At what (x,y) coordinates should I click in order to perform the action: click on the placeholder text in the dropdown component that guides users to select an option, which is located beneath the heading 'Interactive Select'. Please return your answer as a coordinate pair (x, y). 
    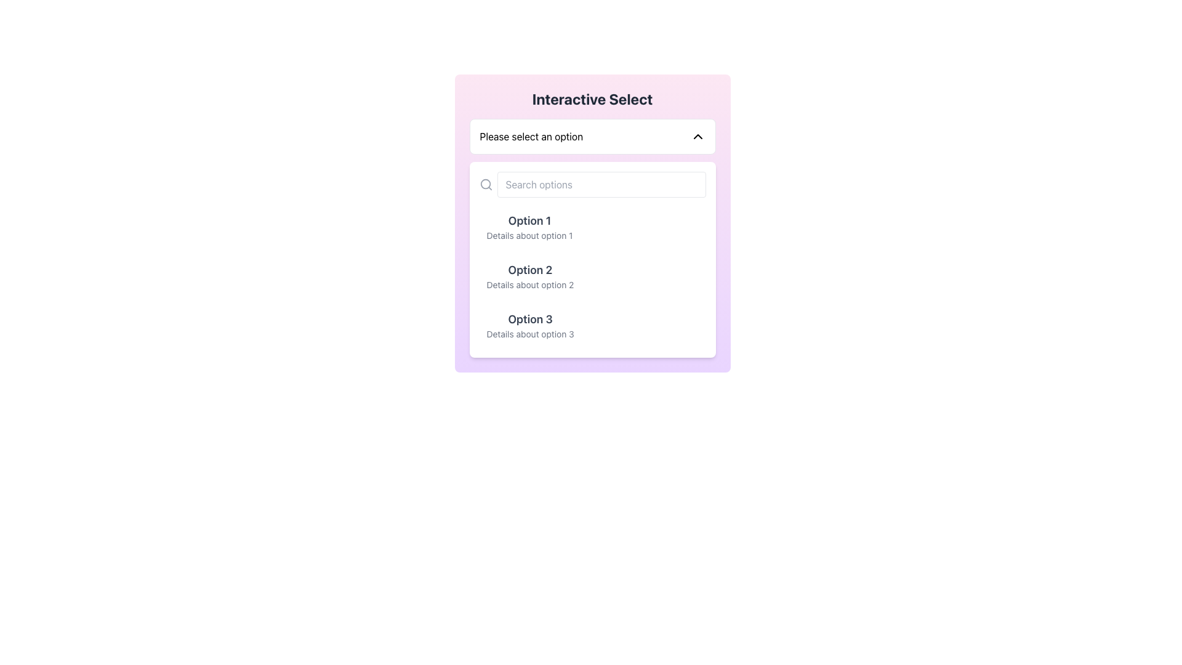
    Looking at the image, I should click on (531, 137).